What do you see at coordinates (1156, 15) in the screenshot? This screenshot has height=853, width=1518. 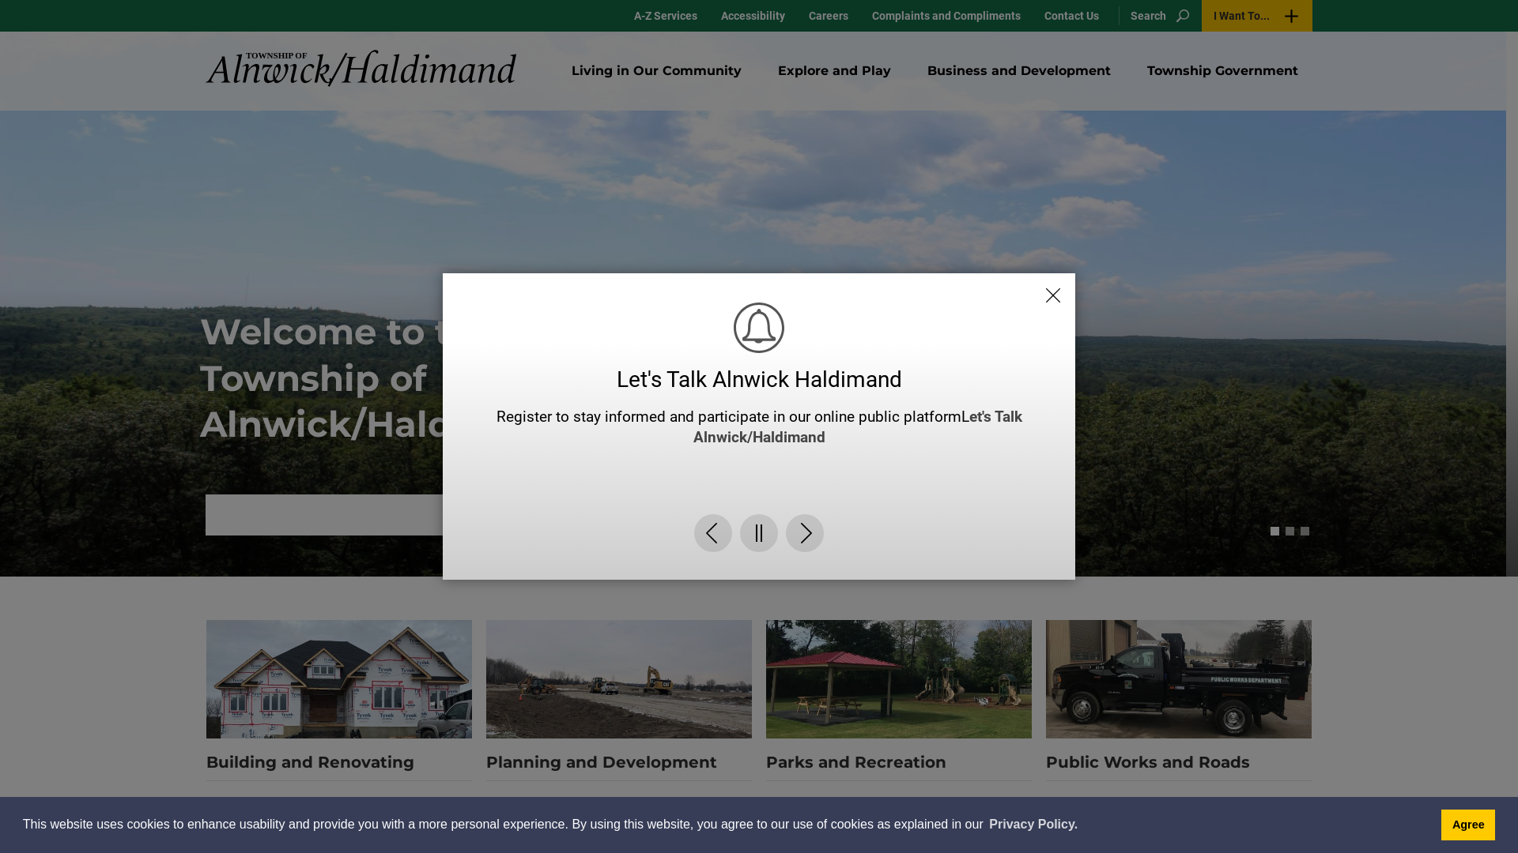 I see `'Search'` at bounding box center [1156, 15].